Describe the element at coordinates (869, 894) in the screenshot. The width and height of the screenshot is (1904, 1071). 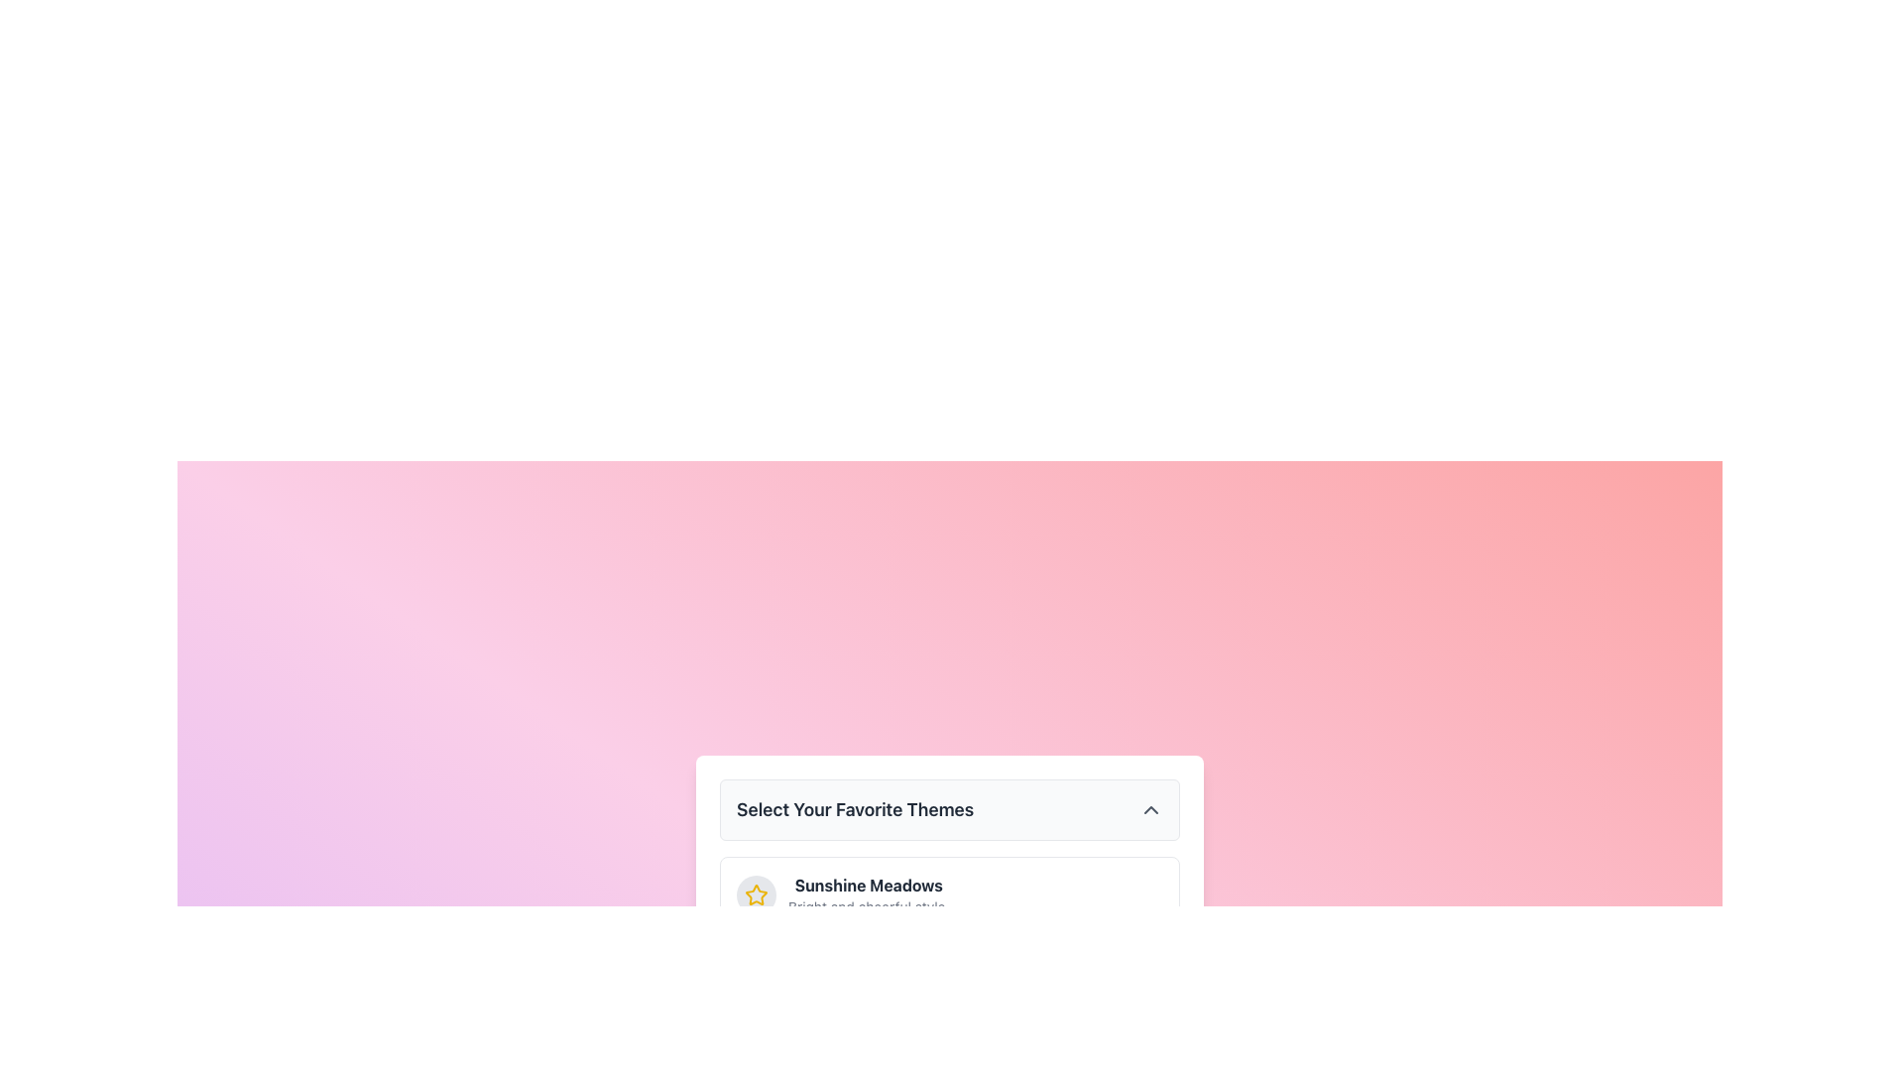
I see `the Text Display element that shows 'Sunshine Meadows' in bold dark gray and 'Bright and cheerful style.' in smaller light color, located beneath 'Select Your Favorite Themes'` at that location.